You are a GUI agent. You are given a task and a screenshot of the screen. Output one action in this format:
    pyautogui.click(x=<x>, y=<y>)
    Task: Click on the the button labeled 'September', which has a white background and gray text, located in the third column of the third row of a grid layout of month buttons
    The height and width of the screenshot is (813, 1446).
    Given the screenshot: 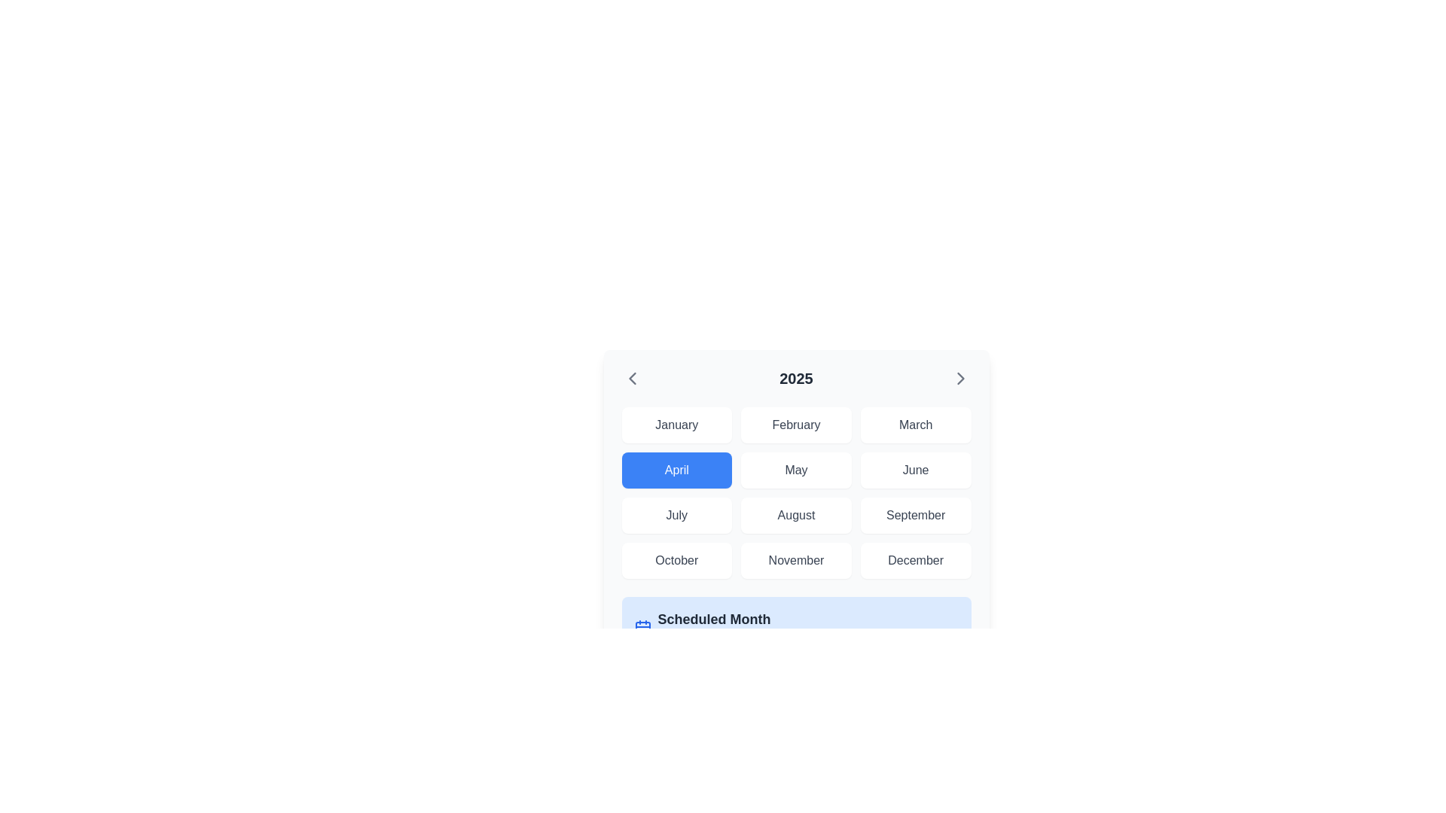 What is the action you would take?
    pyautogui.click(x=915, y=515)
    